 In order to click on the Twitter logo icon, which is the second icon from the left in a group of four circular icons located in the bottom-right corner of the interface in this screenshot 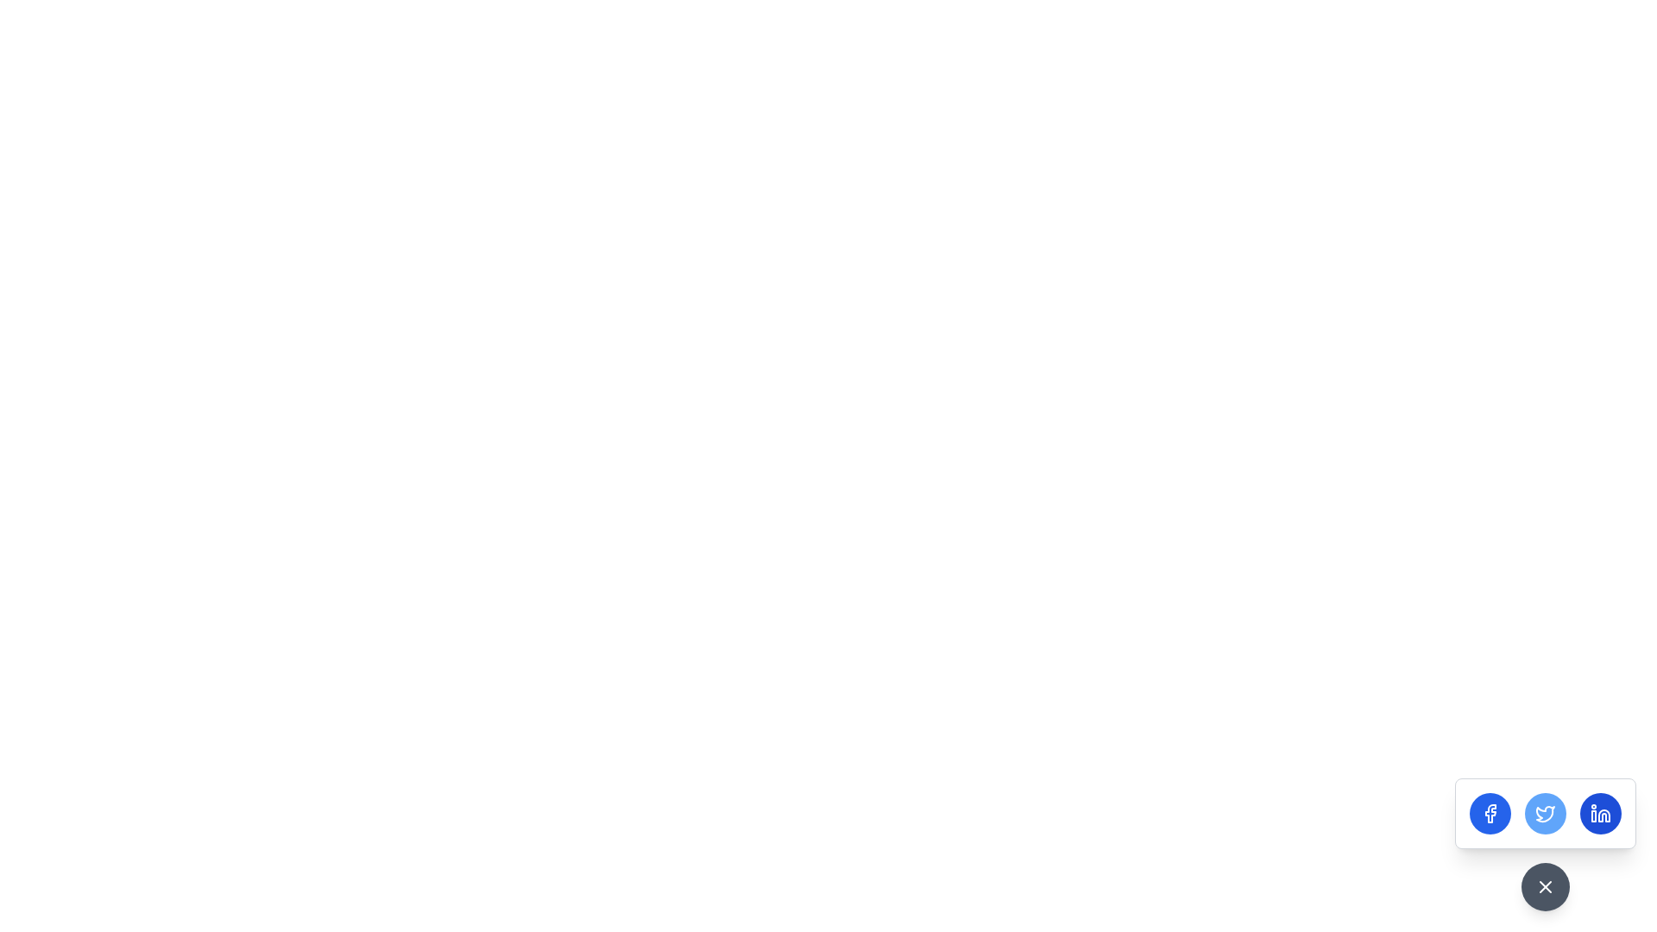, I will do `click(1545, 813)`.